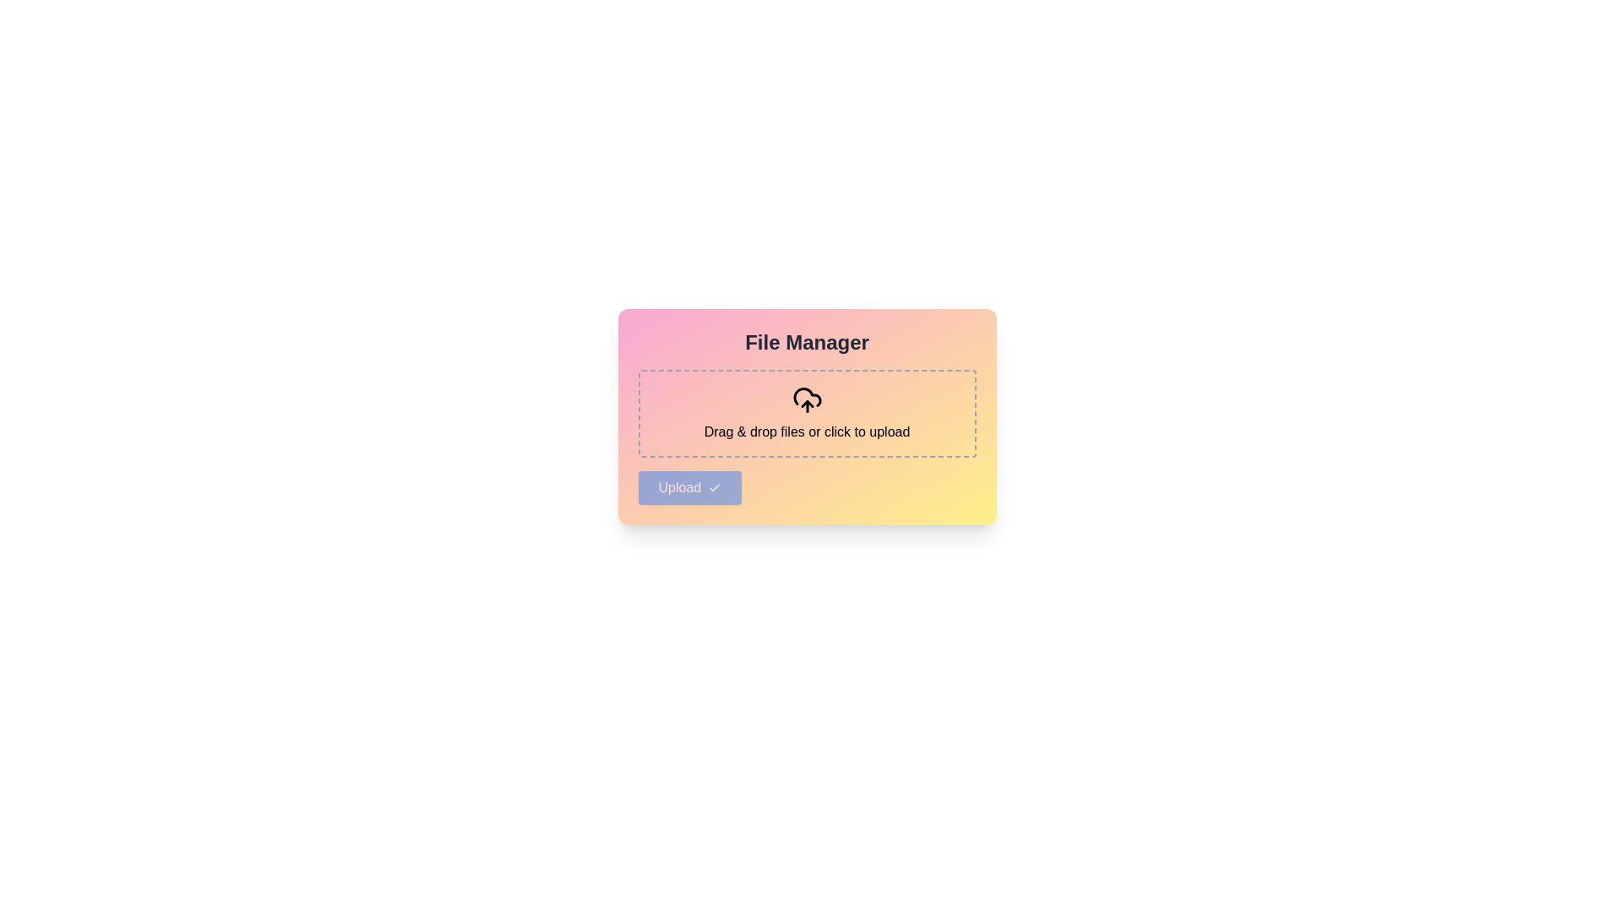 This screenshot has width=1622, height=912. I want to click on the 'Upload' button, which has white text on a blue background and a check mark icon, located at the bottom-left corner of the card interface, so click(689, 488).